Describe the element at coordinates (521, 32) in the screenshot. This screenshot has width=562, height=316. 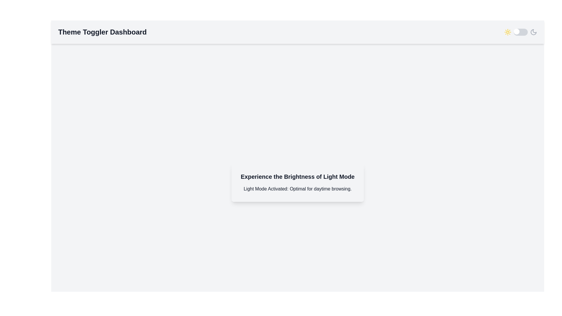
I see `the theme toggle switch located at the top-right corner of the interface, positioned between the sun and moon icons, to change the theme` at that location.